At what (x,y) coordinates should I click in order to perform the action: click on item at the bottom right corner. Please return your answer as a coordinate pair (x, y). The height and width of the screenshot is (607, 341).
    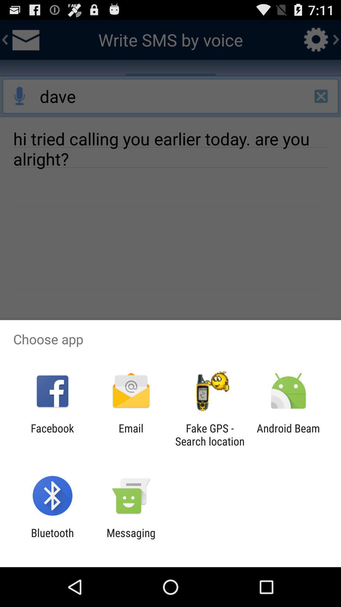
    Looking at the image, I should click on (288, 434).